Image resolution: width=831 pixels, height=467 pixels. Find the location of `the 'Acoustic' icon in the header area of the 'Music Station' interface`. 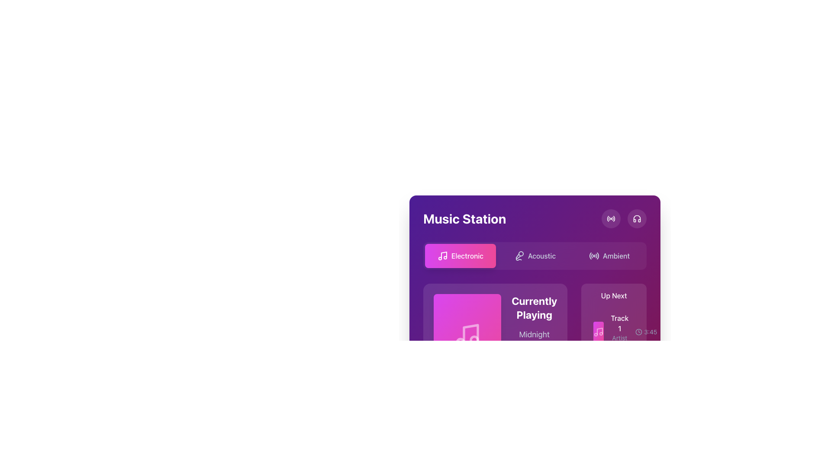

the 'Acoustic' icon in the header area of the 'Music Station' interface is located at coordinates (519, 255).